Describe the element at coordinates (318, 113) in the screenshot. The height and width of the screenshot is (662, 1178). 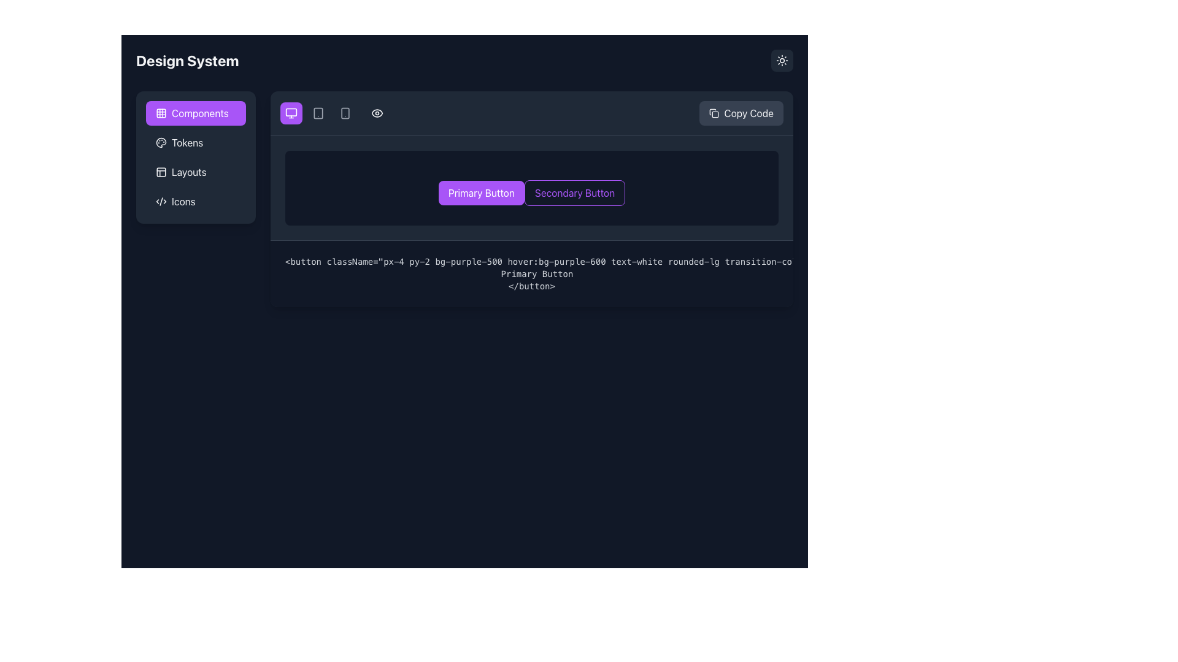
I see `the button that resembles a tablet or rectangular device, located in the second position of a horizontal row of three buttons at the top-center of the interface` at that location.